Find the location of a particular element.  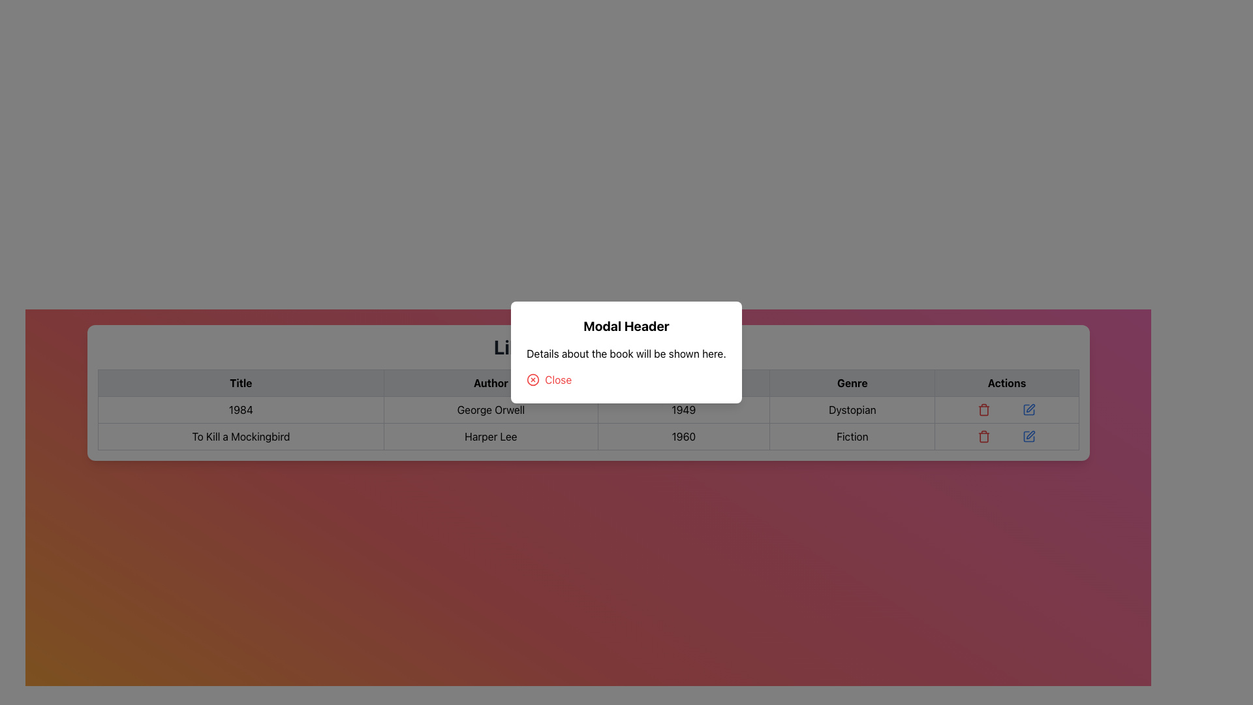

the text label that reads 'Details about the book will be shown here.' which is positioned within a white dialog-style box, directly below the 'Modal Header.' is located at coordinates (626, 354).